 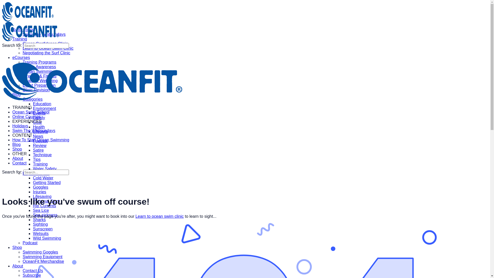 I want to click on 'Ocean Swim School', so click(x=31, y=112).